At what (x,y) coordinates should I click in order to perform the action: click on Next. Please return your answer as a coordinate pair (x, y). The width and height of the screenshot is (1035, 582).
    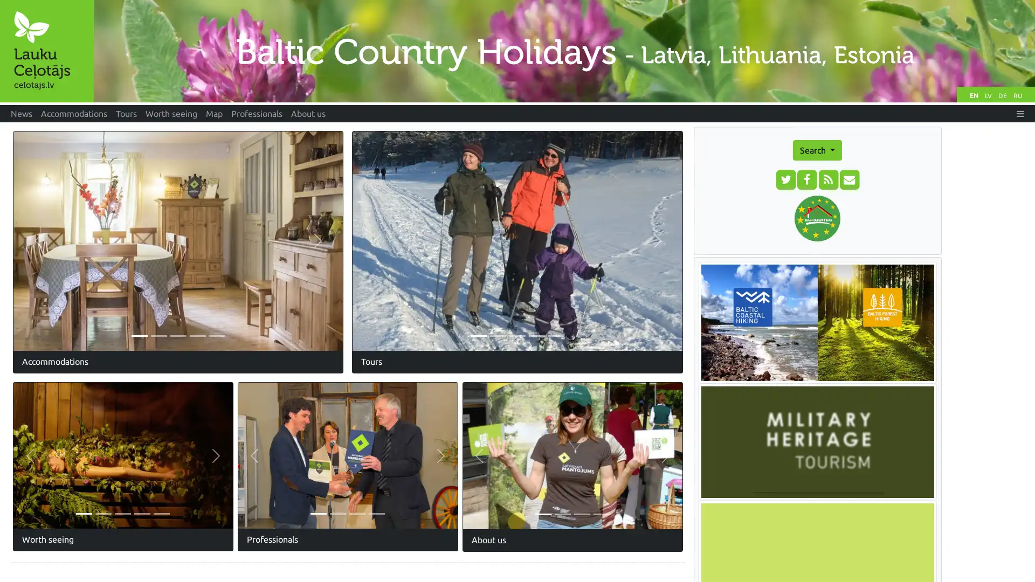
    Looking at the image, I should click on (665, 455).